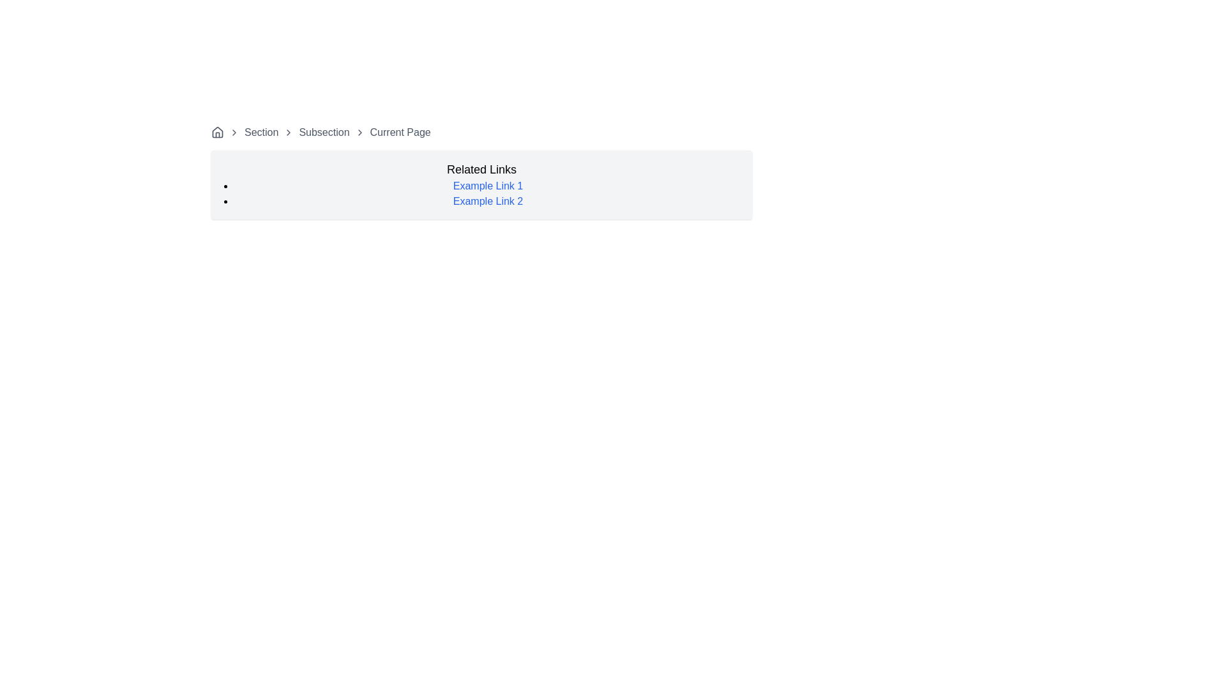 This screenshot has width=1226, height=689. What do you see at coordinates (487, 194) in the screenshot?
I see `the interactive links in the unordered list labeled 'Example Link 1' and 'Example Link 2' to observe the underline effect` at bounding box center [487, 194].